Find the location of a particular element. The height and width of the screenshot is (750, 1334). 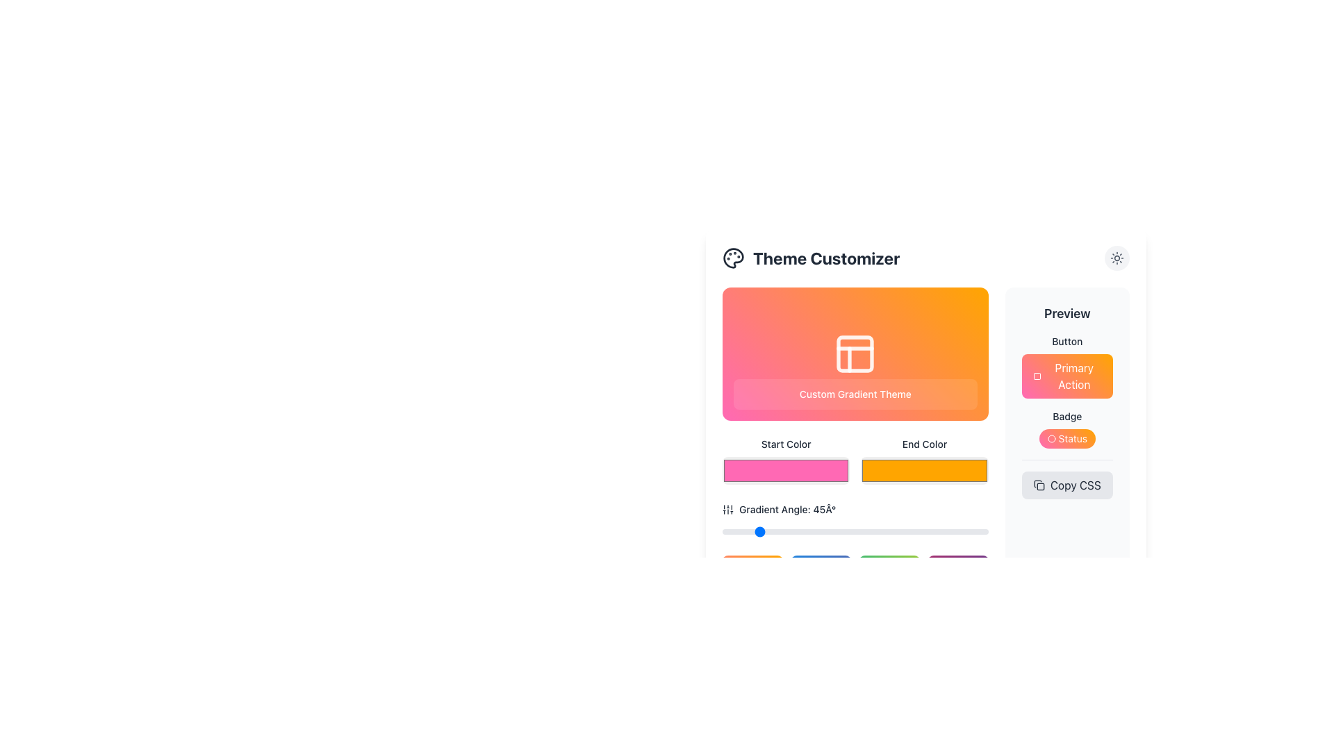

the gradient angle slider is located at coordinates (741, 531).